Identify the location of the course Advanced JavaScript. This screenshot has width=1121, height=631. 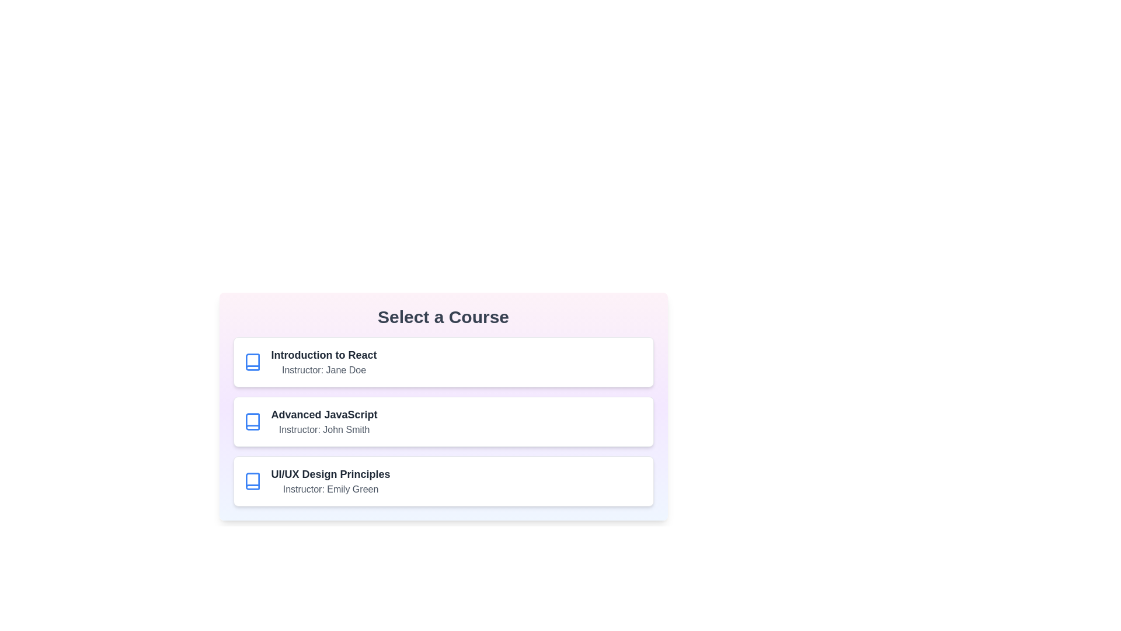
(443, 421).